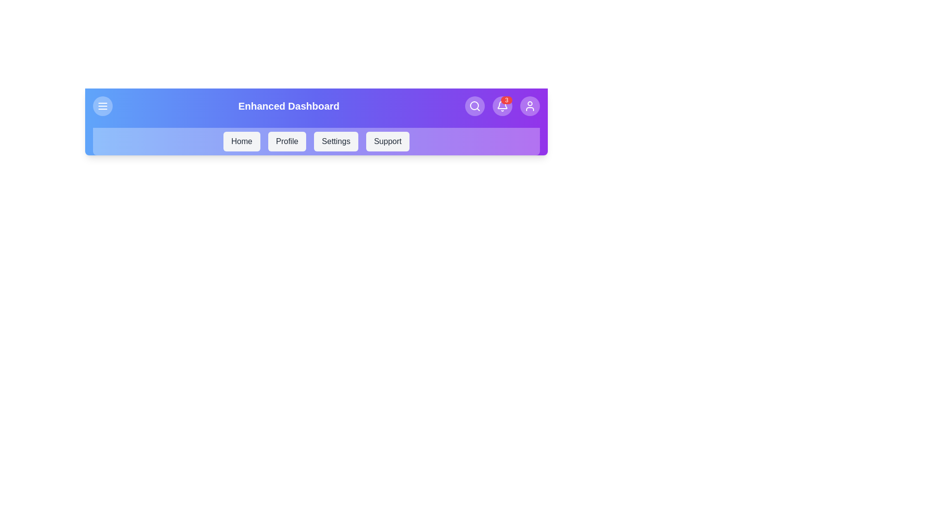 This screenshot has width=945, height=531. Describe the element at coordinates (503, 106) in the screenshot. I see `the notifications button to open the notifications panel` at that location.